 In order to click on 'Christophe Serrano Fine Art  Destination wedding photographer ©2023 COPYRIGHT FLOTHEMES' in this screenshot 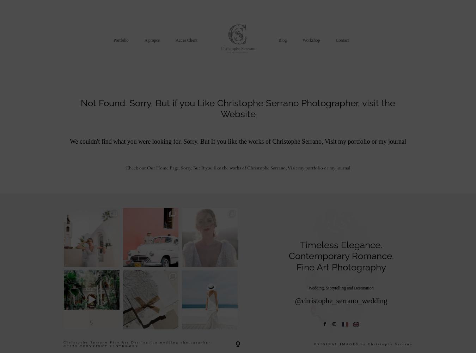, I will do `click(136, 343)`.